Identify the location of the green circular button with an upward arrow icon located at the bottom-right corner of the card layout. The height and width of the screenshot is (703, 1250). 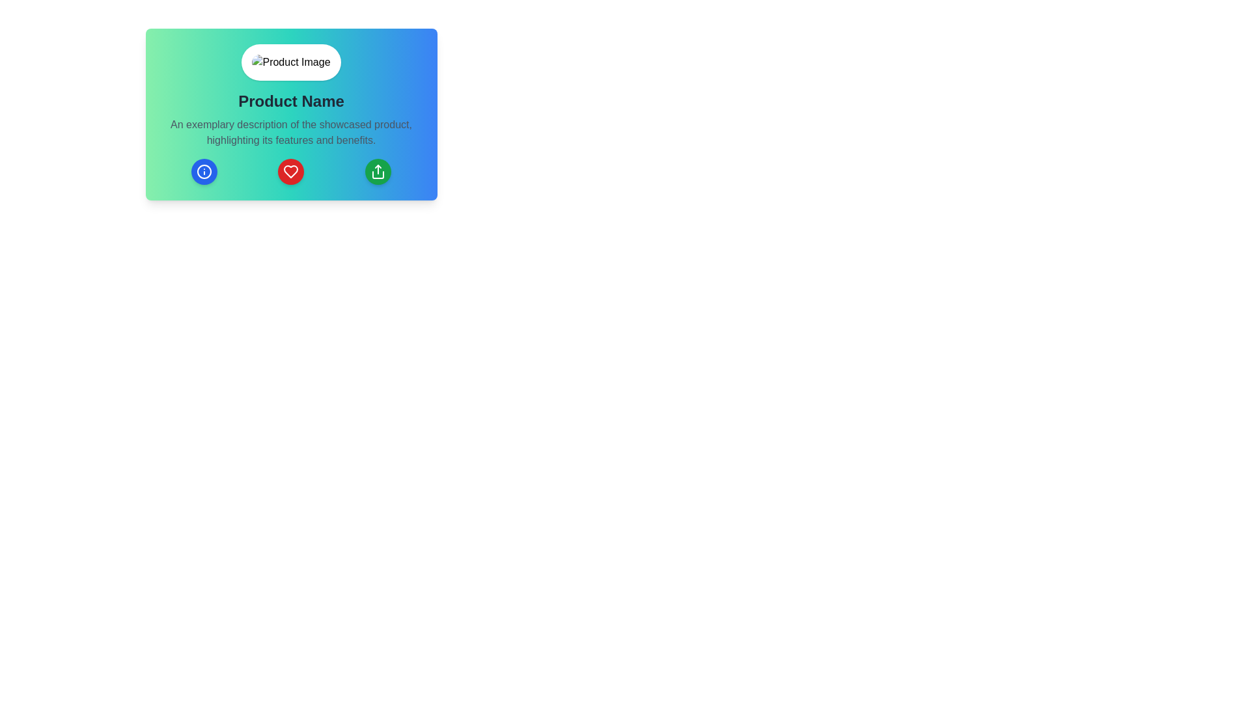
(377, 171).